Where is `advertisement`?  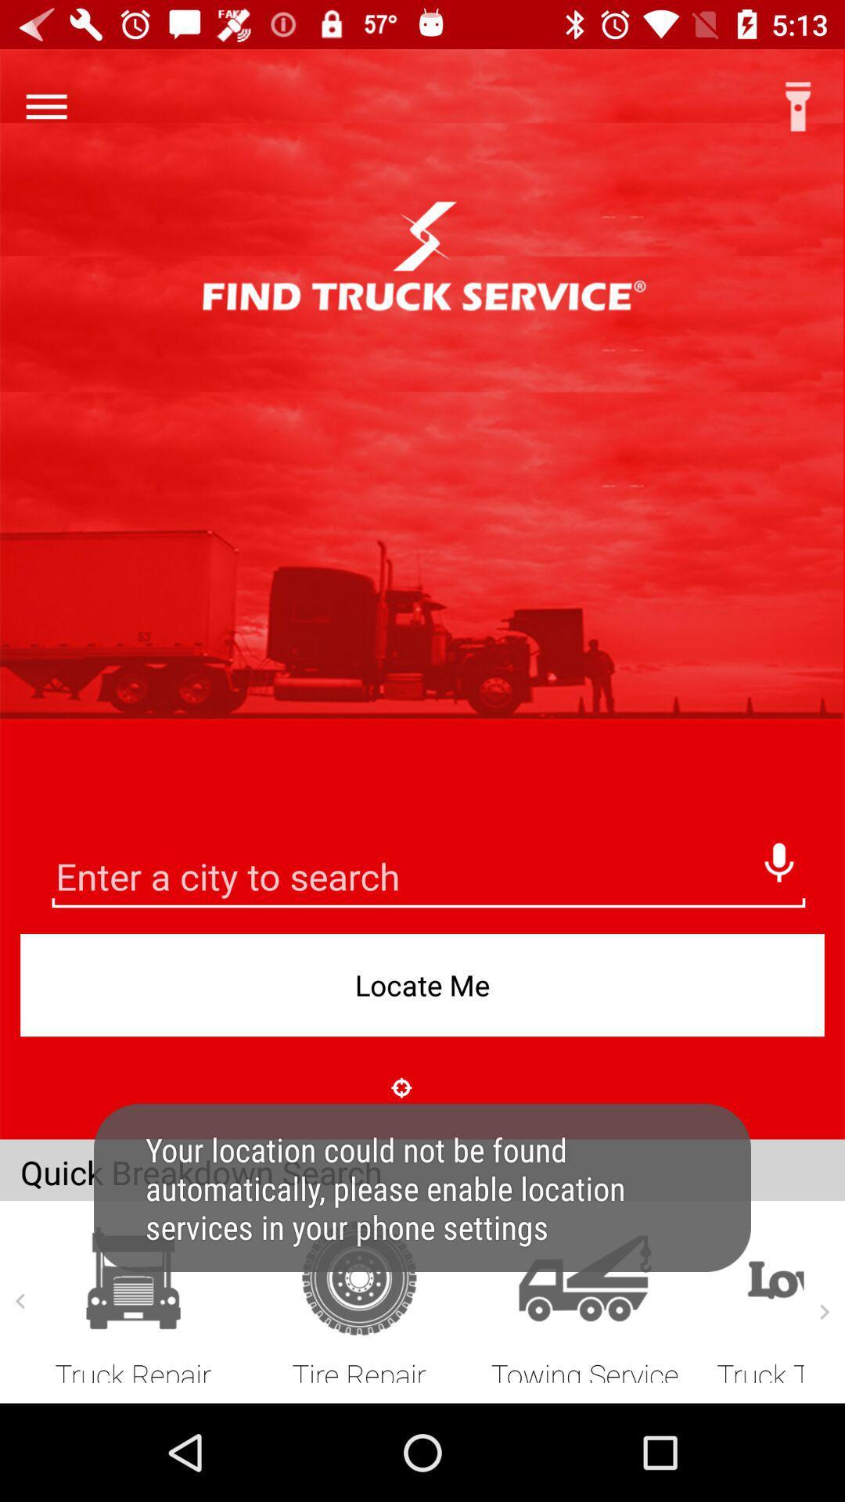 advertisement is located at coordinates (428, 879).